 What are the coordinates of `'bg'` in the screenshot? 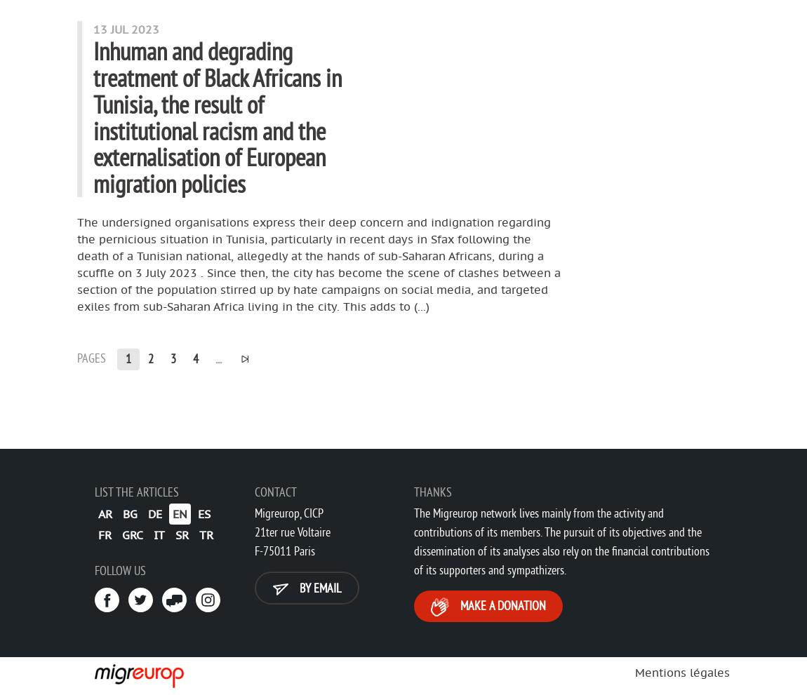 It's located at (129, 512).